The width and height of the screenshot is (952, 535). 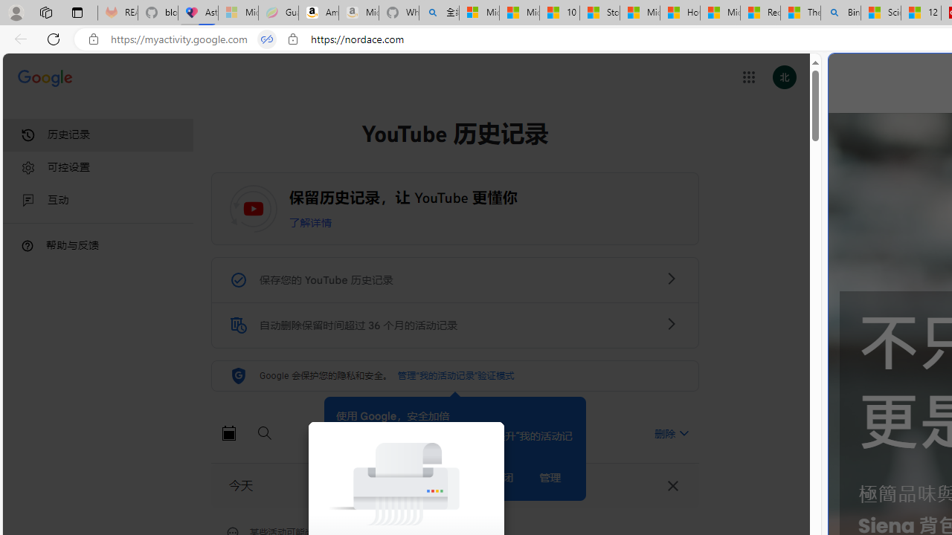 What do you see at coordinates (840, 13) in the screenshot?
I see `'Bing'` at bounding box center [840, 13].